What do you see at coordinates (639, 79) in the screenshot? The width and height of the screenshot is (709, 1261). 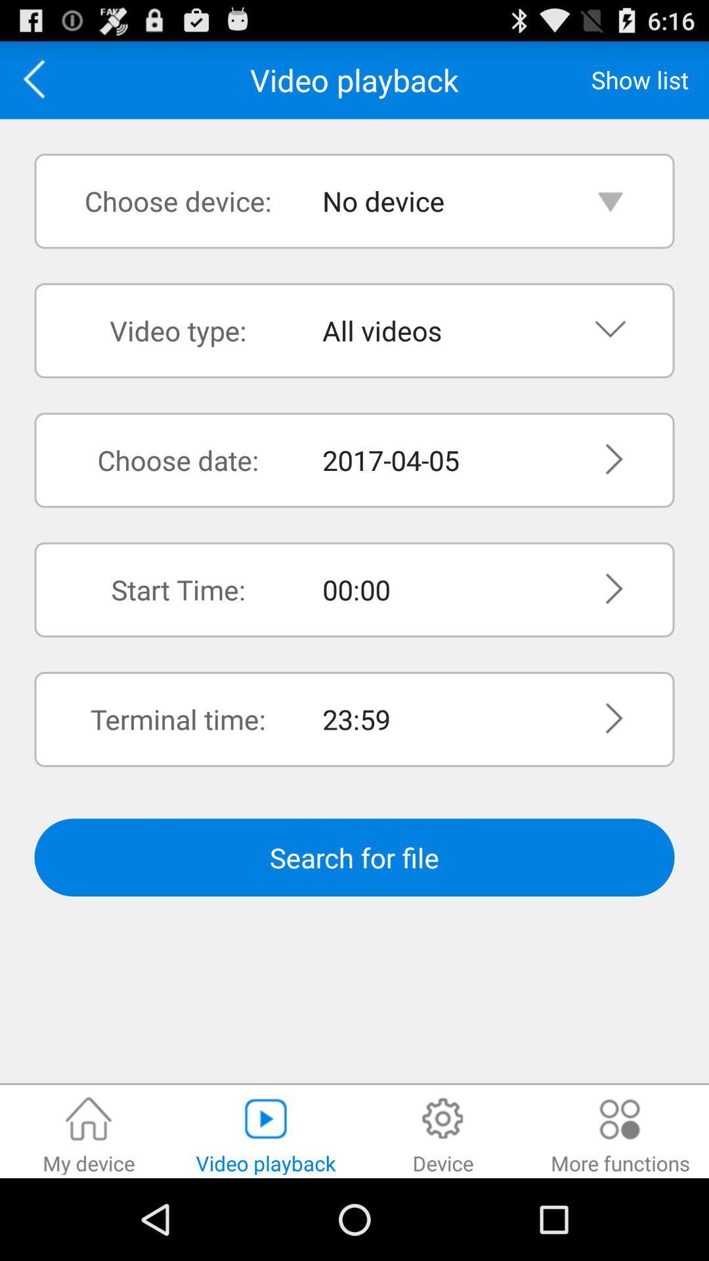 I see `show list item` at bounding box center [639, 79].